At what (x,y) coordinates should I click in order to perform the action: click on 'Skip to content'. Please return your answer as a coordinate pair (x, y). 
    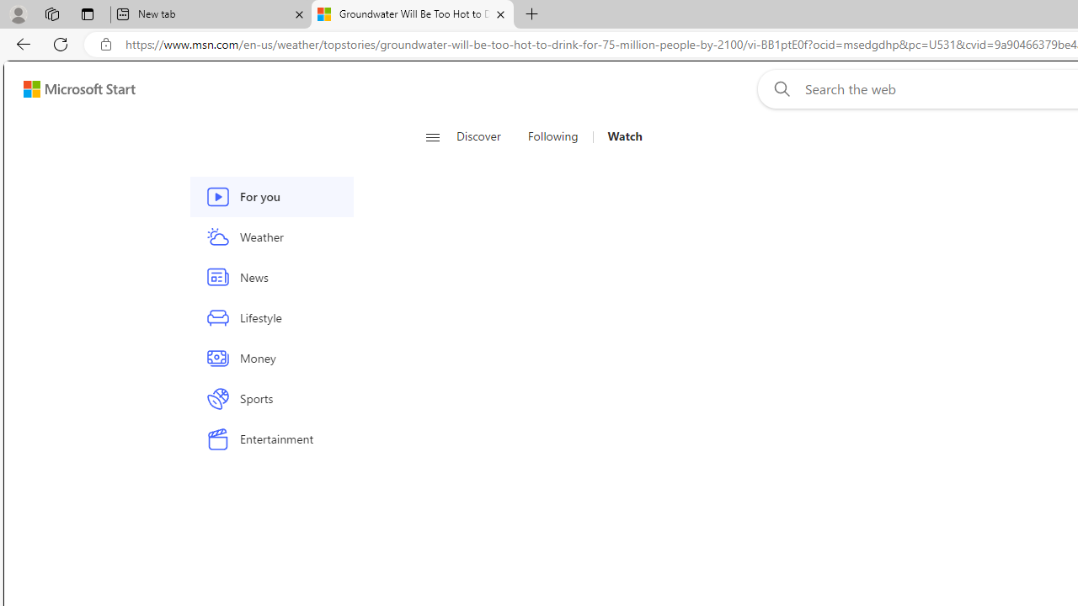
    Looking at the image, I should click on (72, 88).